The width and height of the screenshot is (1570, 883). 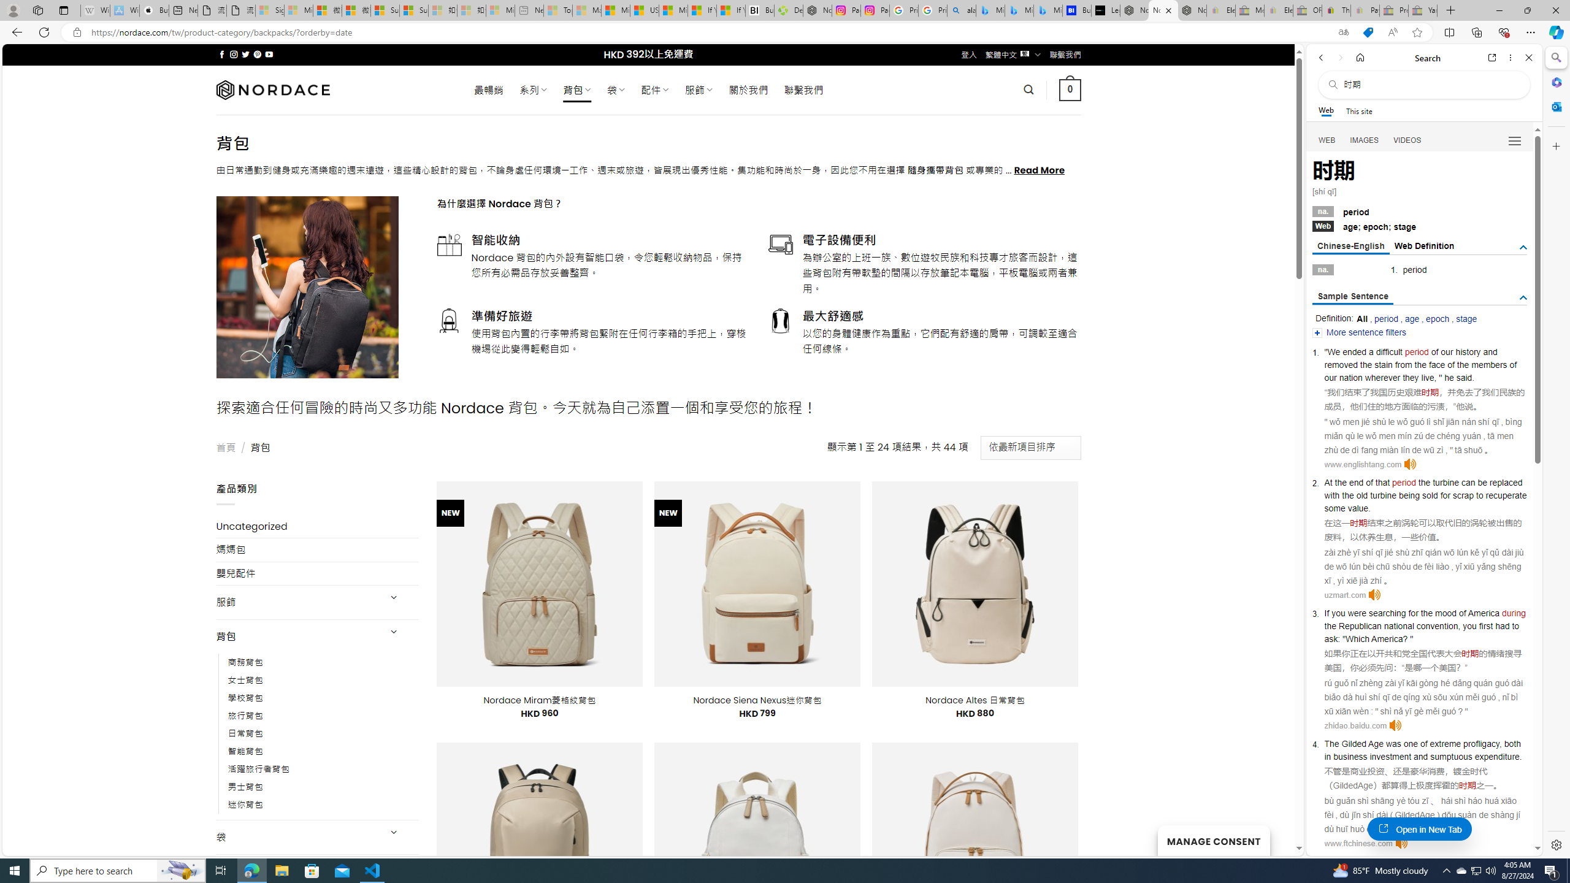 What do you see at coordinates (1365, 139) in the screenshot?
I see `'Search Filter, IMAGES'` at bounding box center [1365, 139].